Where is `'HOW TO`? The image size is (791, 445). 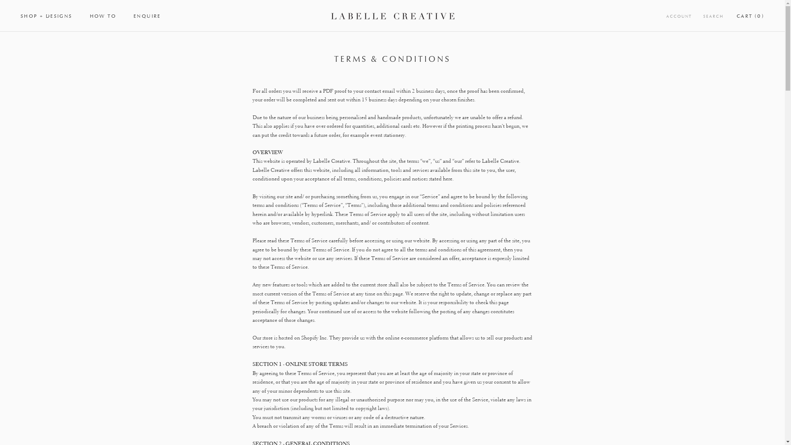
'HOW TO is located at coordinates (102, 16).